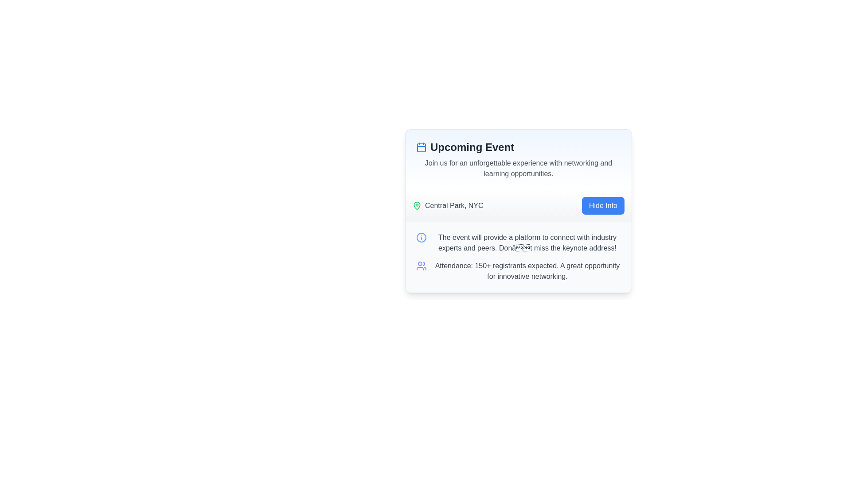 The image size is (851, 478). What do you see at coordinates (519, 146) in the screenshot?
I see `the heading element at the top of the card UI component, which indicates the subject of an upcoming event` at bounding box center [519, 146].